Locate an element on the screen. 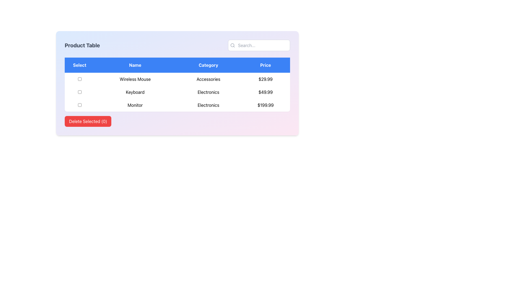 The image size is (520, 292). the text label in the second row of the table under the 'Category' column, which denotes the item category is located at coordinates (208, 92).